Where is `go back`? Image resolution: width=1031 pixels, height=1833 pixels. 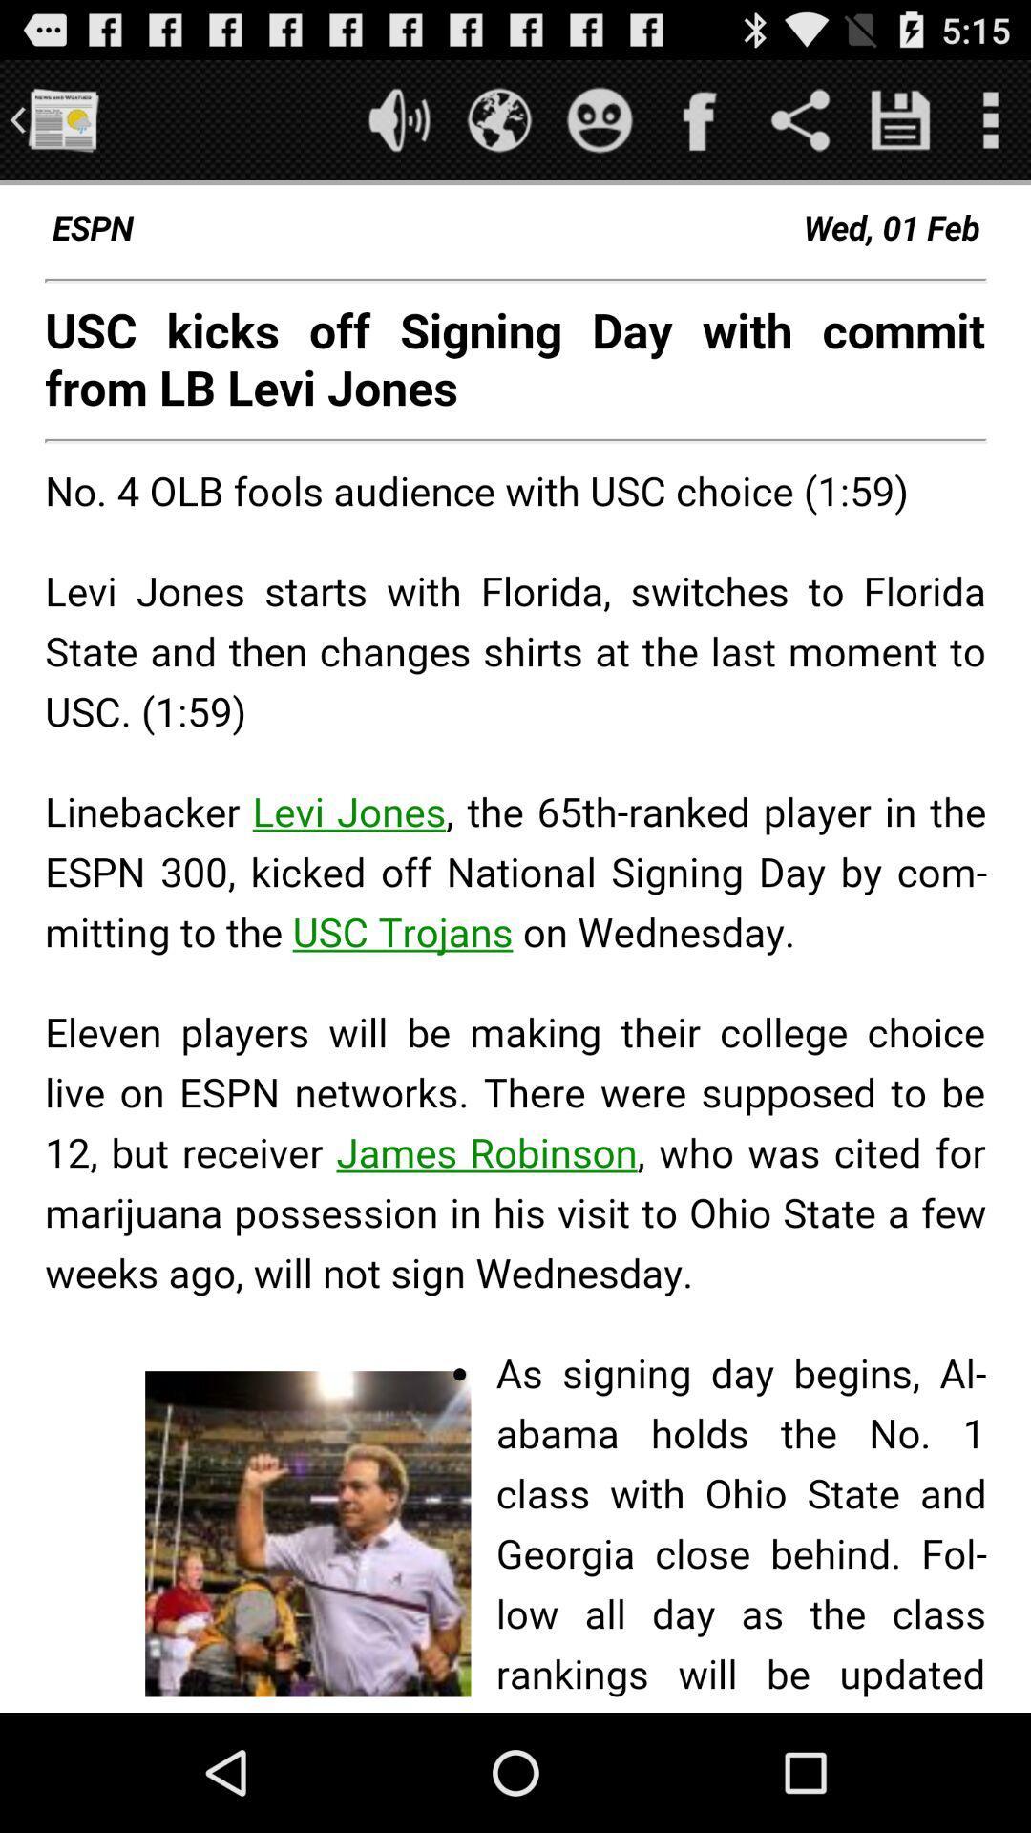
go back is located at coordinates (61, 118).